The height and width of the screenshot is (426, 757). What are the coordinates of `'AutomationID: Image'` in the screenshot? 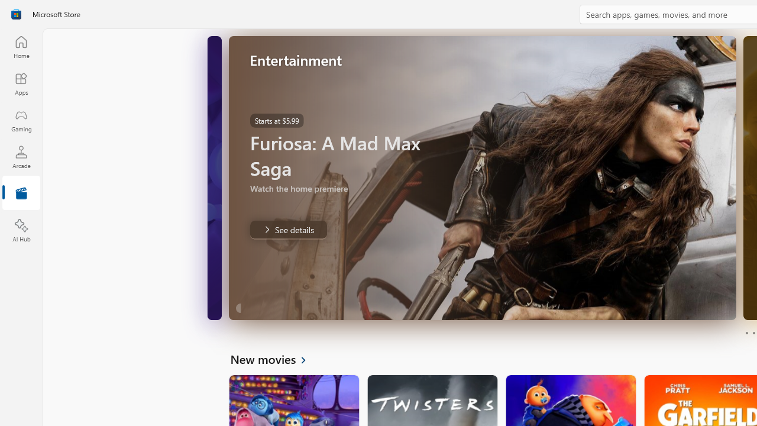 It's located at (482, 177).